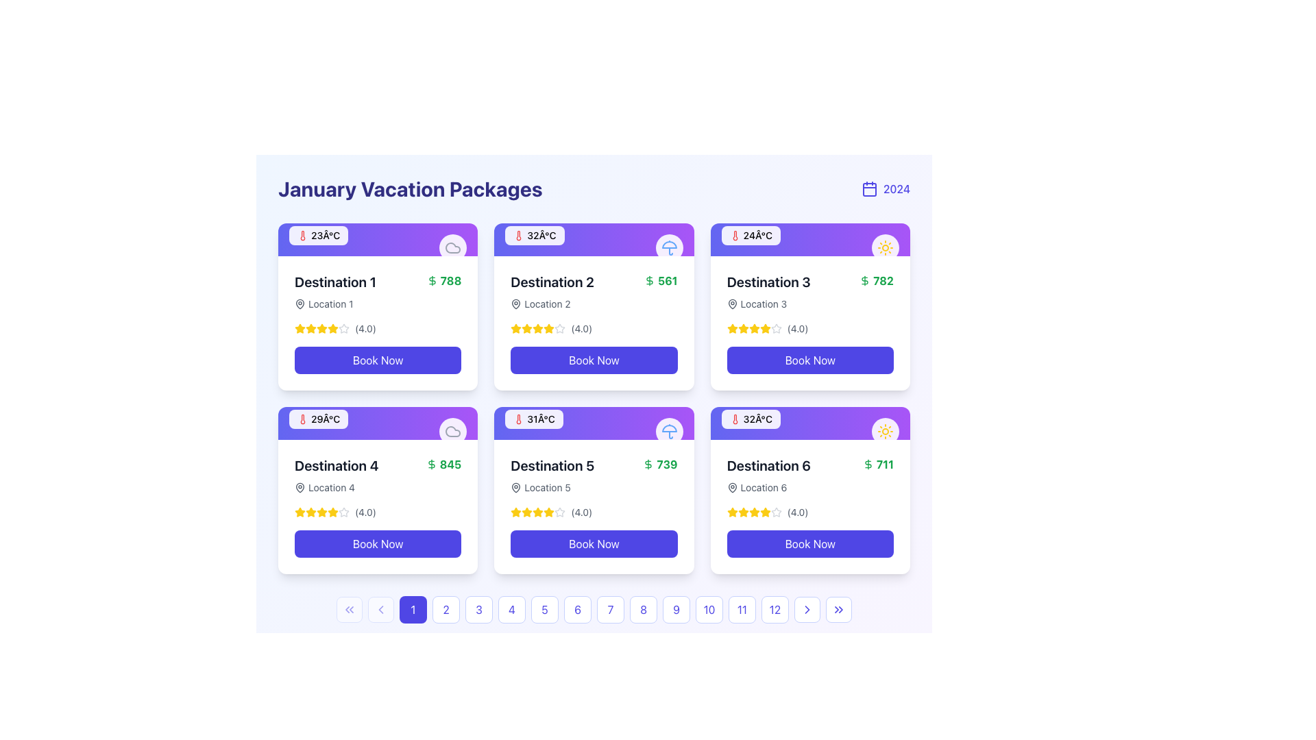 Image resolution: width=1316 pixels, height=740 pixels. What do you see at coordinates (878, 464) in the screenshot?
I see `the green text element displaying '711' next to the dollar symbol in the 'Destination 6' card located in the bottom-right part of the interface` at bounding box center [878, 464].